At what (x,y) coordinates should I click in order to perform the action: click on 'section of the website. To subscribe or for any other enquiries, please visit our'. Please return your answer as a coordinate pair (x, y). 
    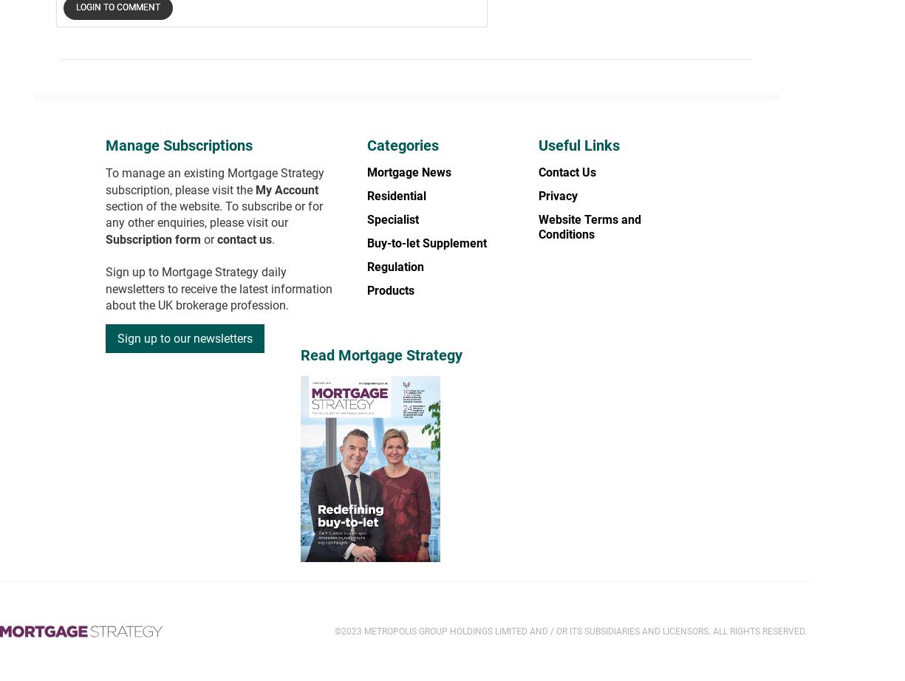
    Looking at the image, I should click on (213, 213).